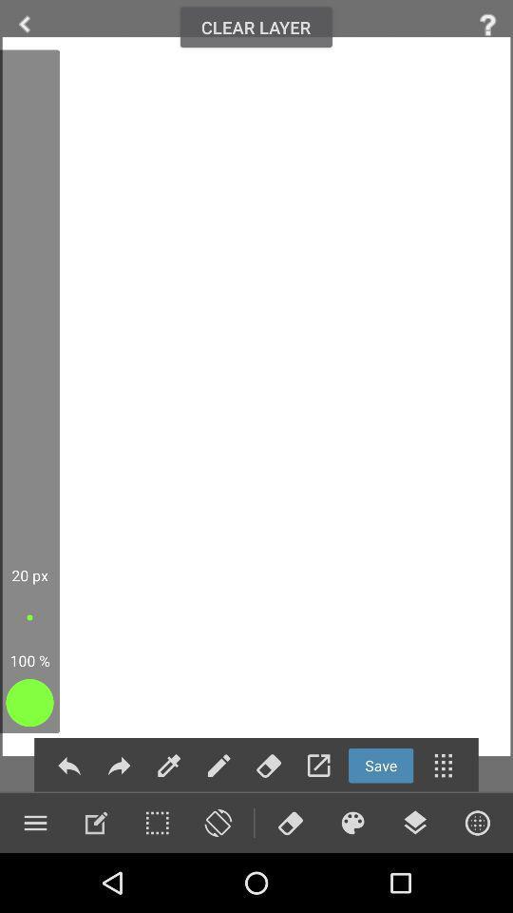  What do you see at coordinates (95, 822) in the screenshot?
I see `zooming` at bounding box center [95, 822].